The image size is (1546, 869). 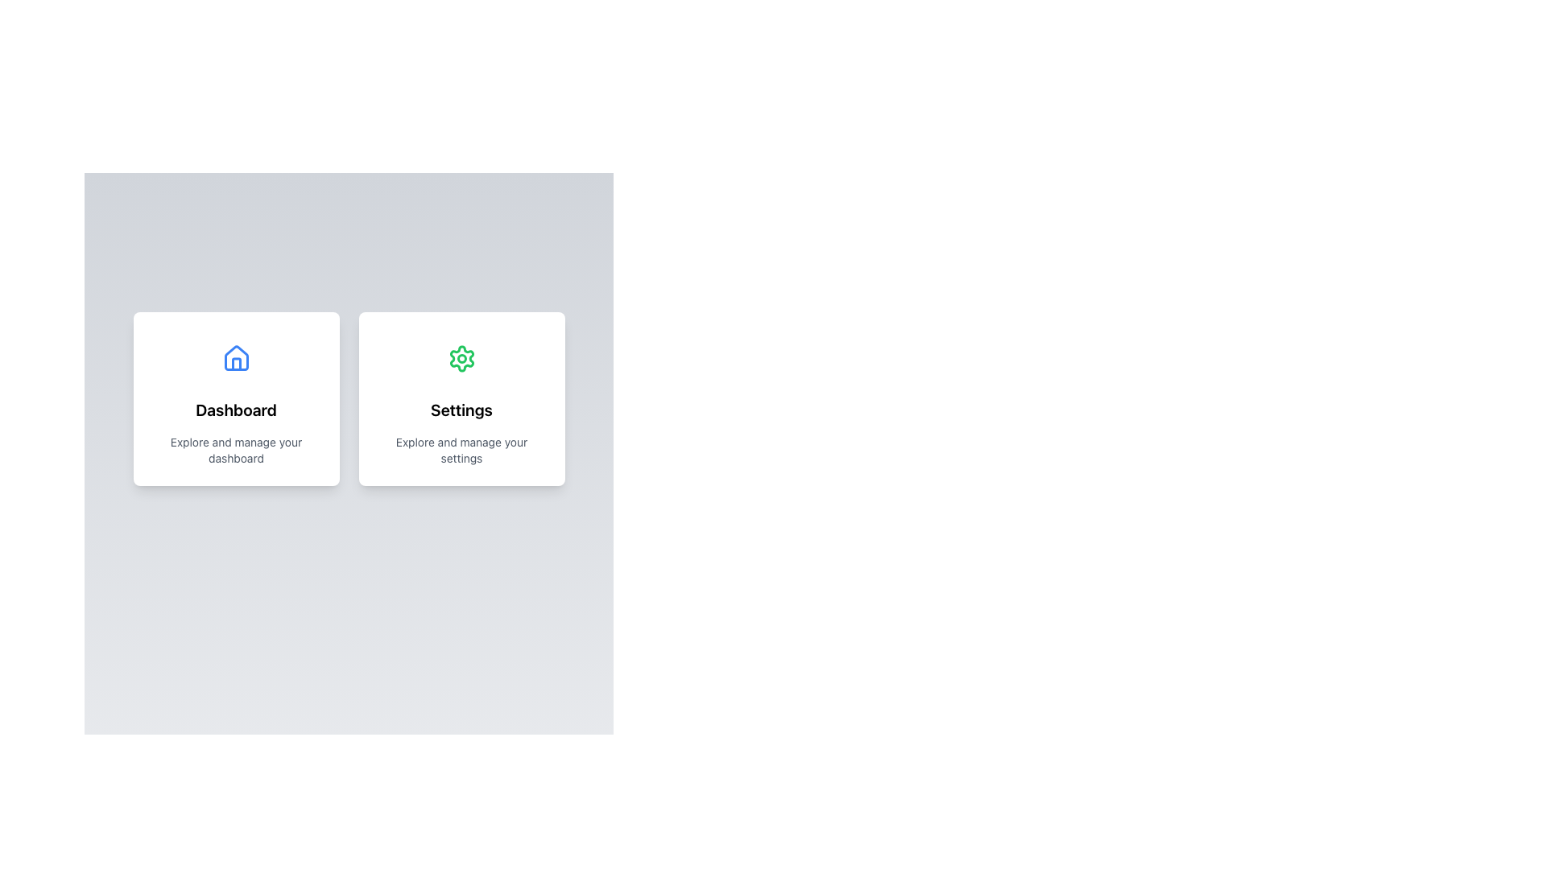 What do you see at coordinates (461, 450) in the screenshot?
I see `text label that says 'Explore and manage your settings', which is styled with a small font size and gray color, located within the 'Settings' card component` at bounding box center [461, 450].